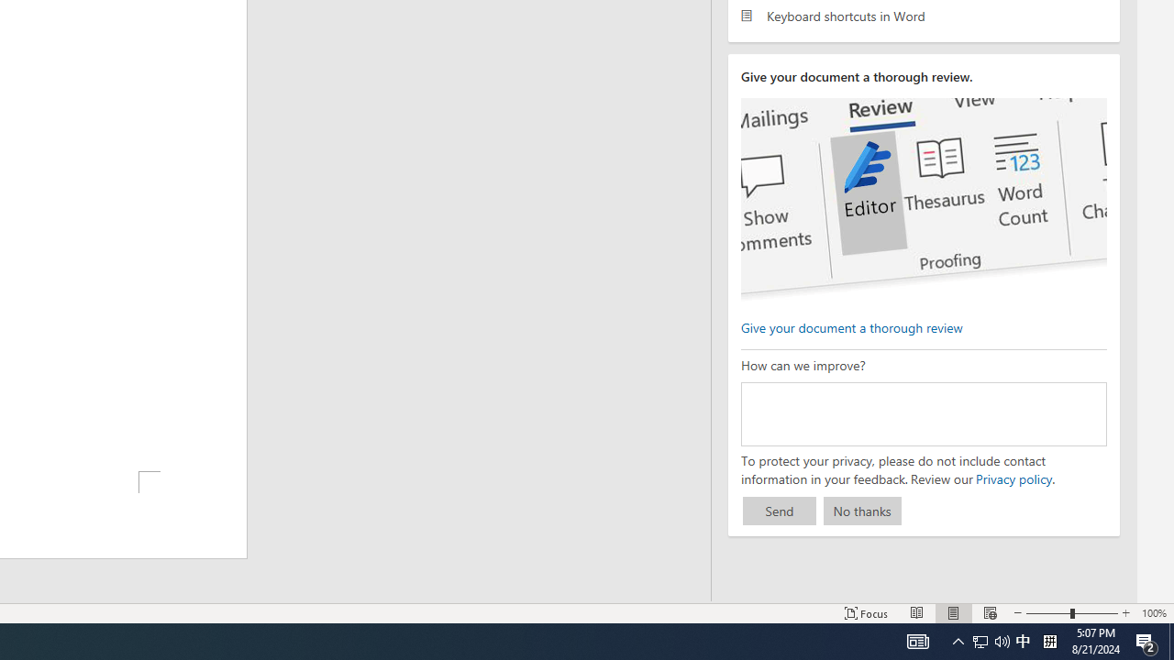  I want to click on 'No thanks', so click(861, 511).